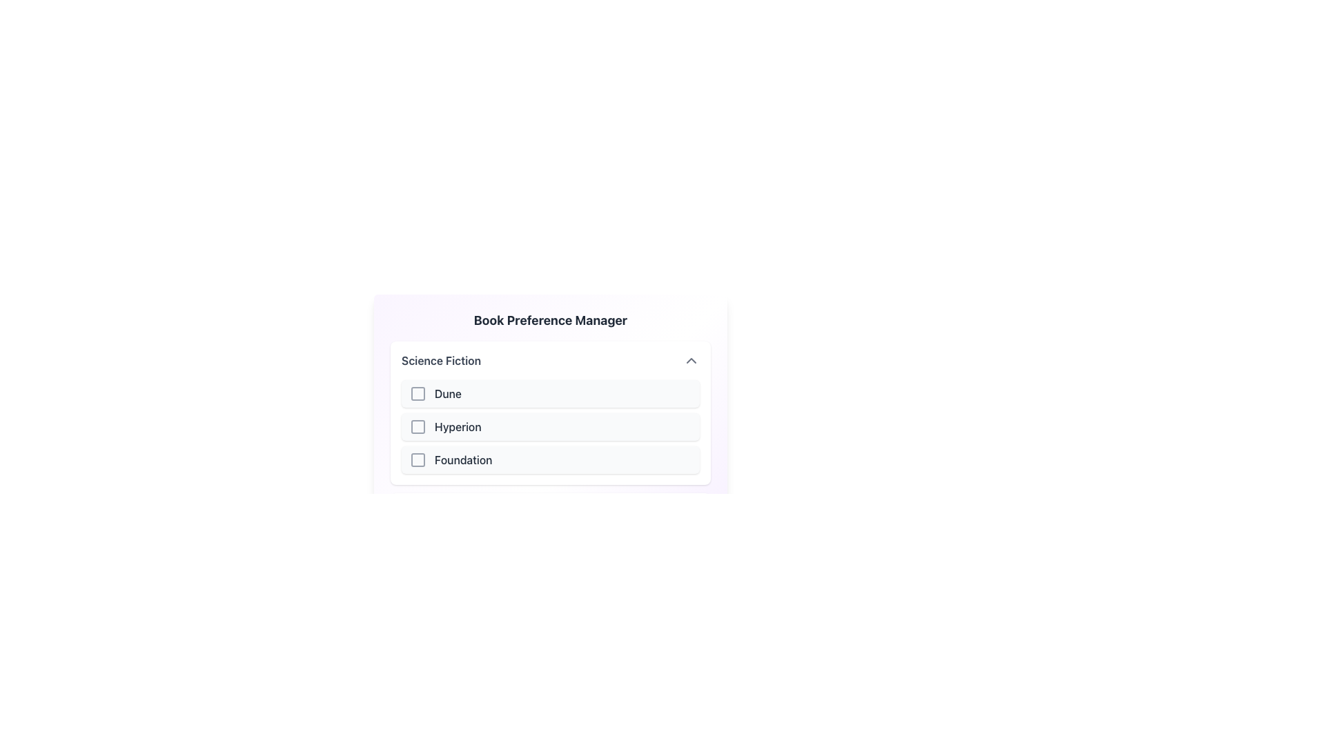 The height and width of the screenshot is (745, 1325). What do you see at coordinates (440, 360) in the screenshot?
I see `the 'Science Fiction' text label, which is styled with medium font weight and gray tone, located at the top of a list section` at bounding box center [440, 360].